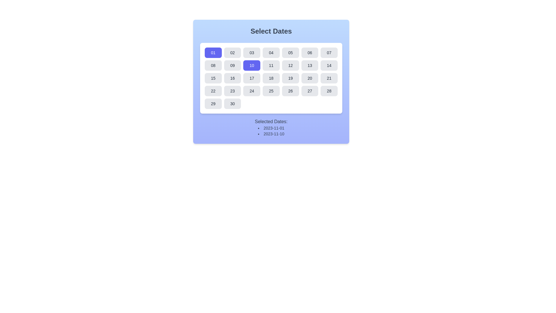 The width and height of the screenshot is (556, 313). What do you see at coordinates (213, 65) in the screenshot?
I see `the date button representing the 8th day of the month` at bounding box center [213, 65].